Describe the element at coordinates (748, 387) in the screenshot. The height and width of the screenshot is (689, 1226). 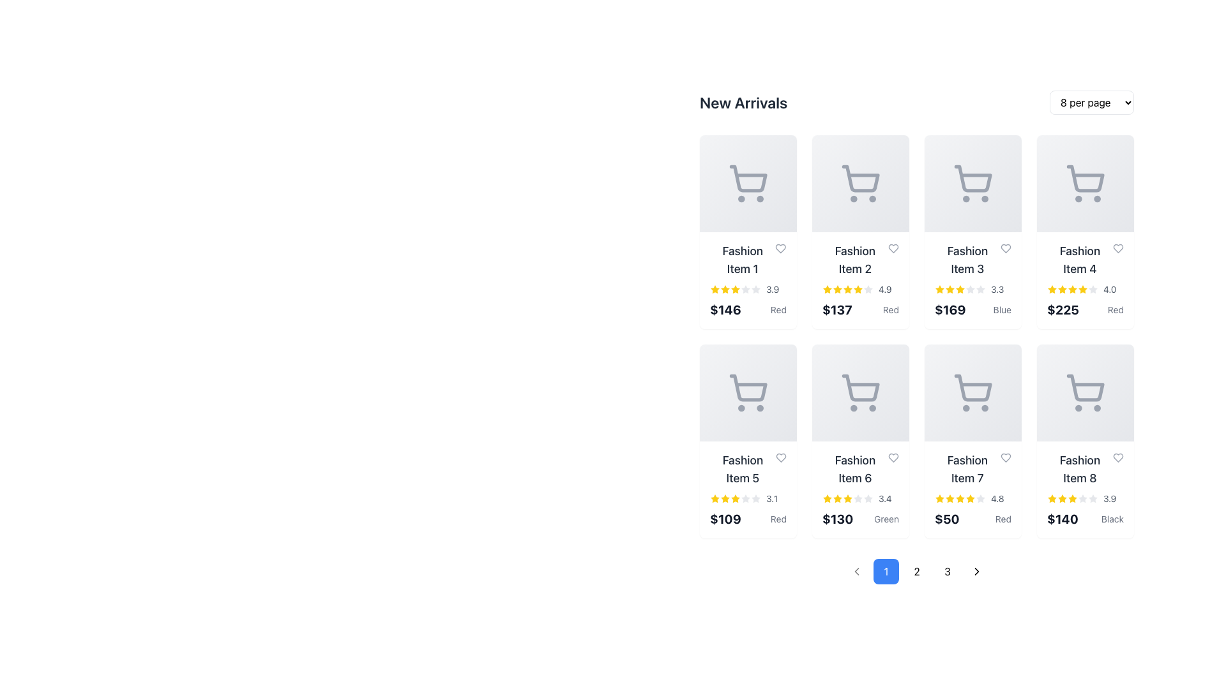
I see `the main structure of the shopping cart icon located in the card of 'Fashion Item 5' in the grid layout, specifically in the second row and first column` at that location.